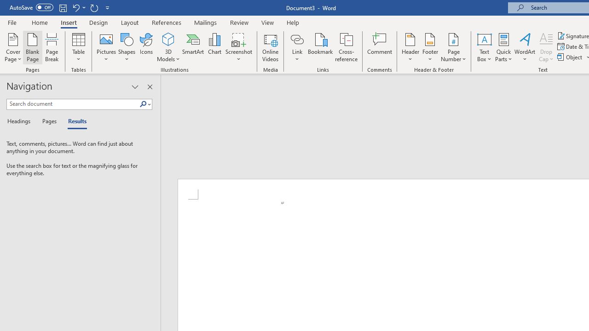 This screenshot has height=331, width=589. Describe the element at coordinates (570, 57) in the screenshot. I see `'Object...'` at that location.